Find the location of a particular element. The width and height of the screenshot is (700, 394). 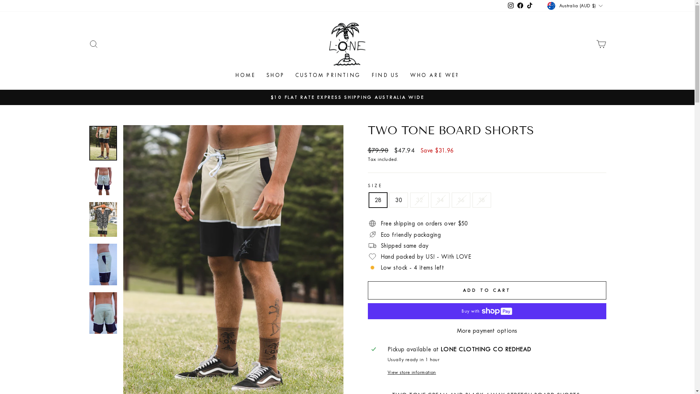

'SEARCH' is located at coordinates (93, 44).